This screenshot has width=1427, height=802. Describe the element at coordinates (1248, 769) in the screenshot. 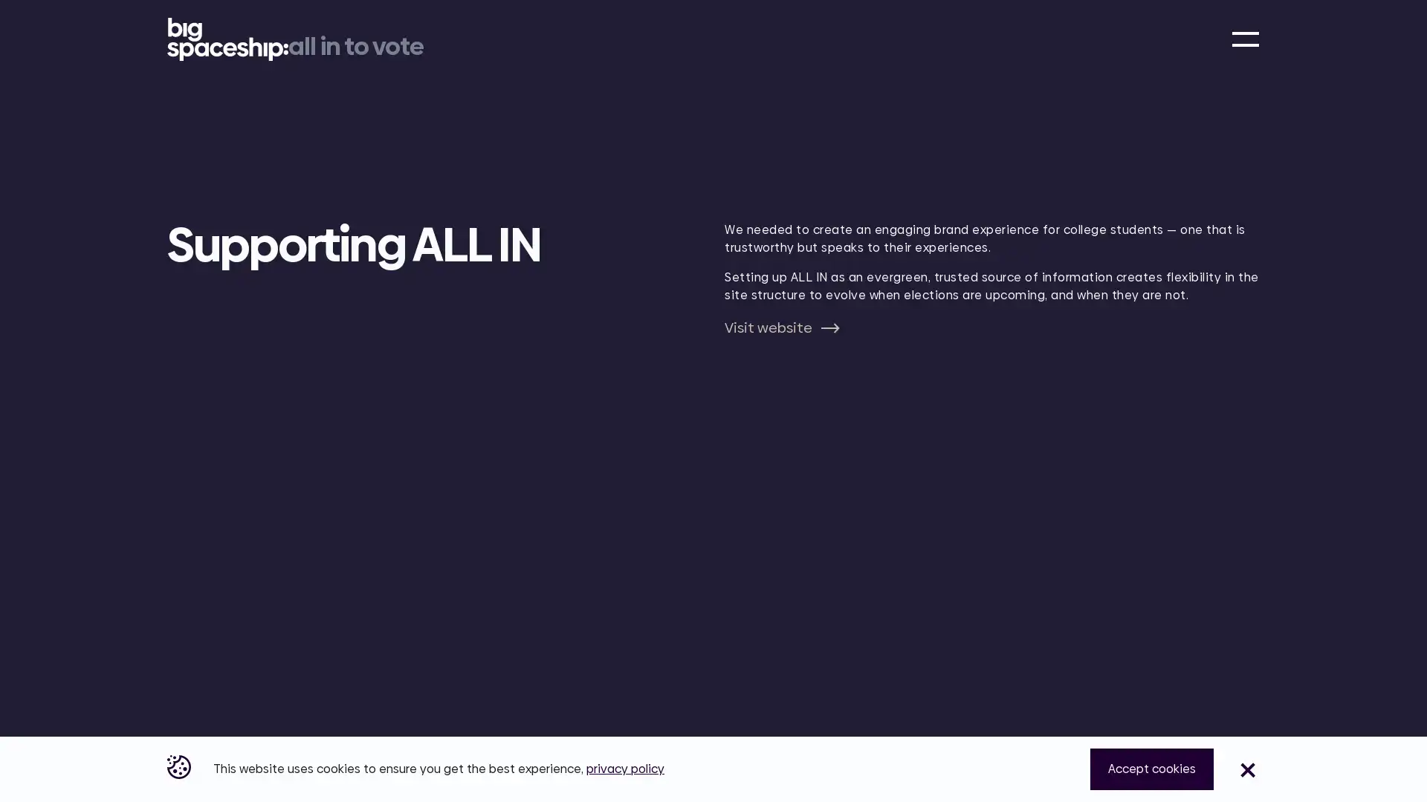

I see `Close` at that location.